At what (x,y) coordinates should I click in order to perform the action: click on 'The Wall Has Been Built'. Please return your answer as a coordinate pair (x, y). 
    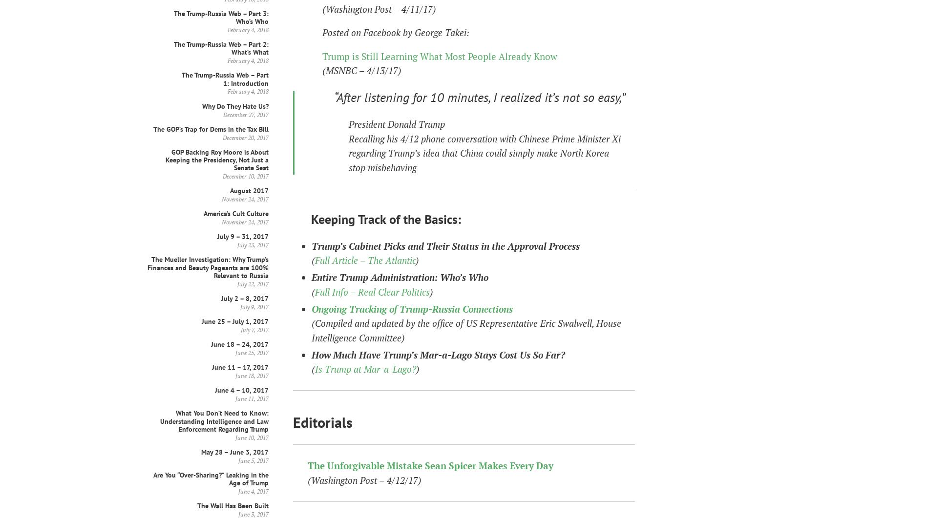
    Looking at the image, I should click on (233, 505).